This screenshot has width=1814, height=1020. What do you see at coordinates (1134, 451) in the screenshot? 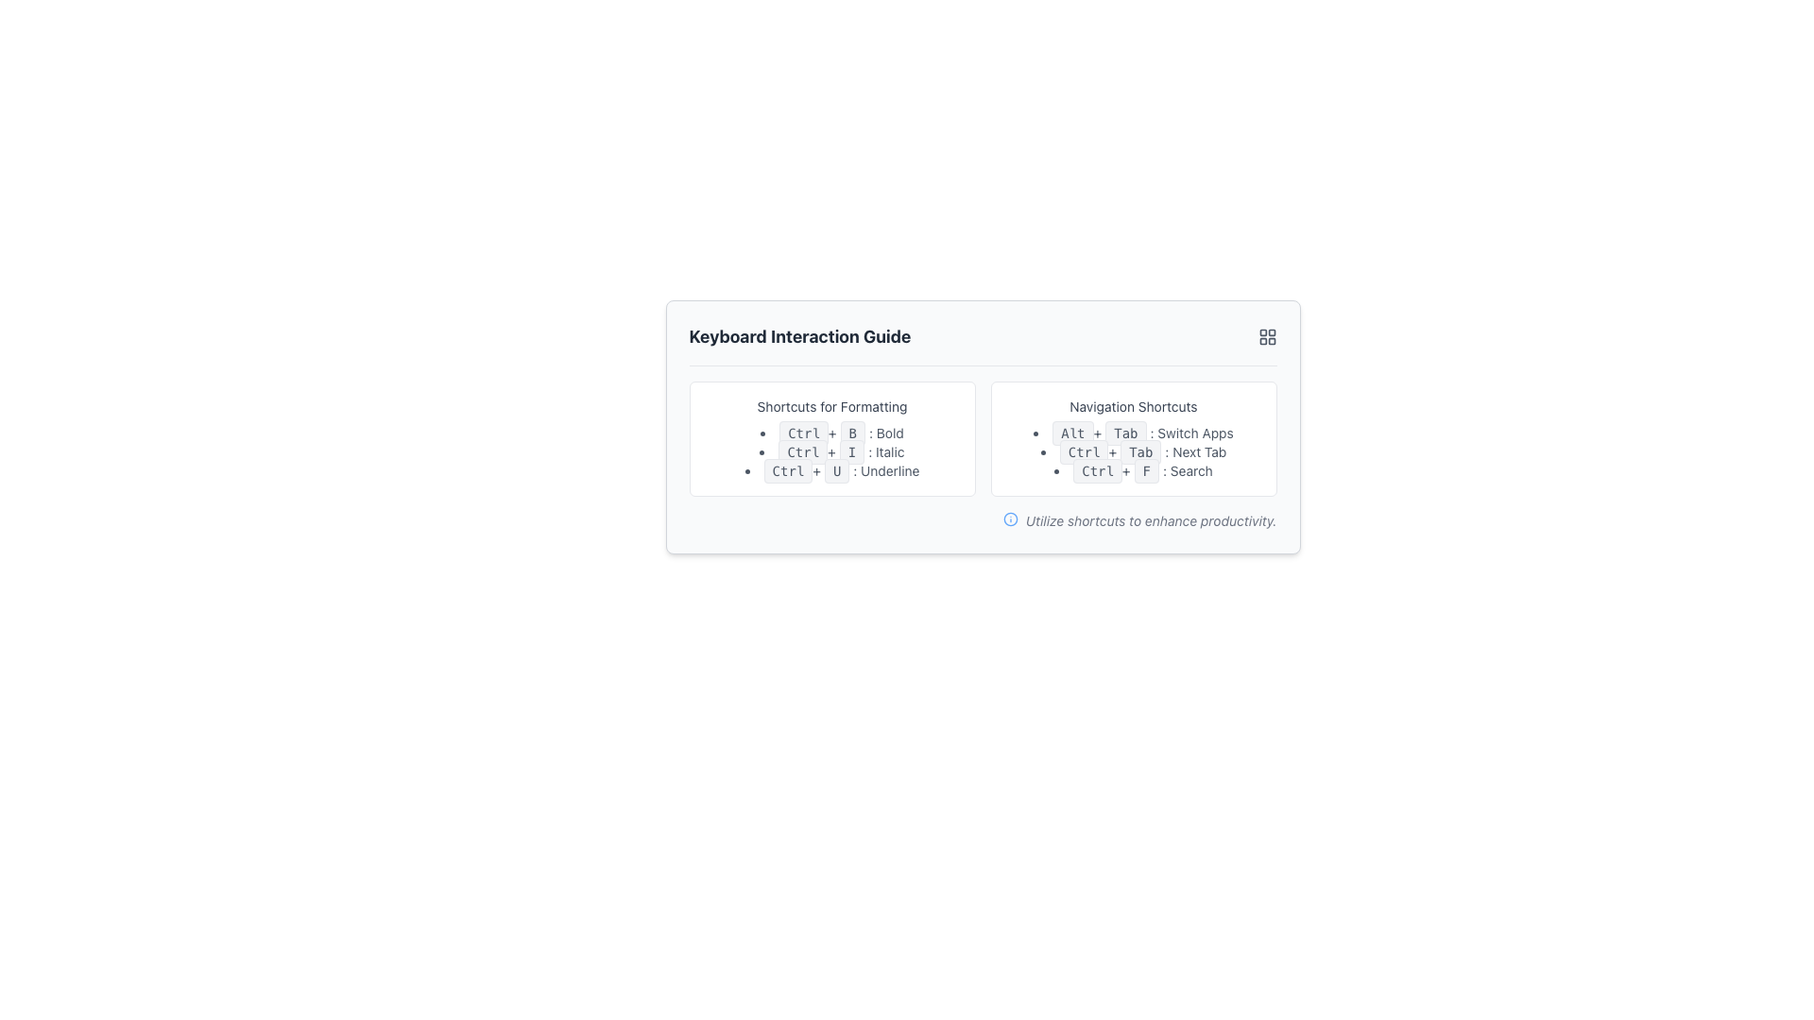
I see `the static text element displaying 'Ctrl+Tab: Next Tab' in the Navigation Shortcuts panel, which is the second item in the list of keyboard shortcuts` at bounding box center [1134, 451].